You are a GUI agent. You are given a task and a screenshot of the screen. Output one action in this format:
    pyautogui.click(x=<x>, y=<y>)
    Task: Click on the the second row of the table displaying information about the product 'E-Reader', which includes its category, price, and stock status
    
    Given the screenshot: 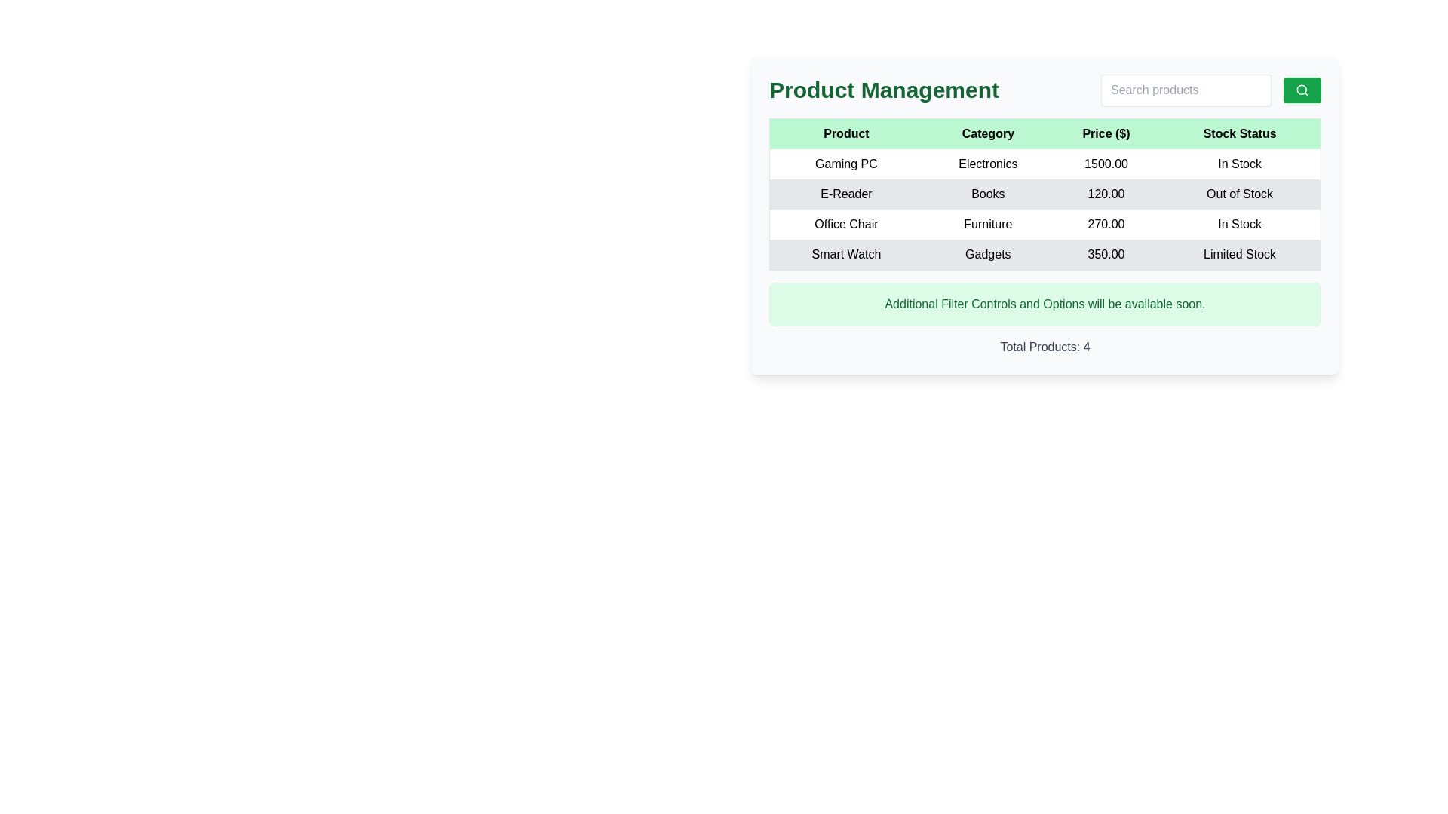 What is the action you would take?
    pyautogui.click(x=1045, y=209)
    